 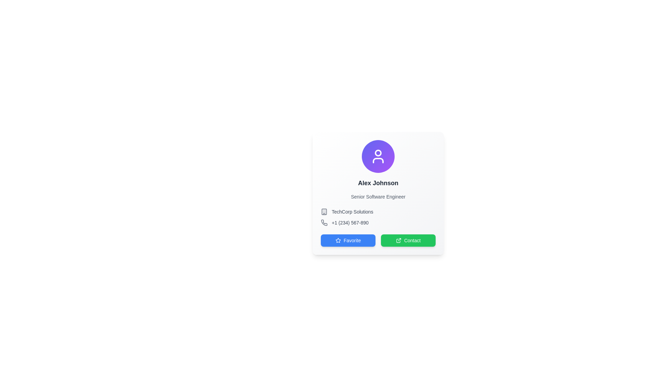 I want to click on the Text Label that displays 'Senior Software Engineer', which is positioned below 'Alex Johnson' in a light gray font within the card-like layout, so click(x=378, y=196).